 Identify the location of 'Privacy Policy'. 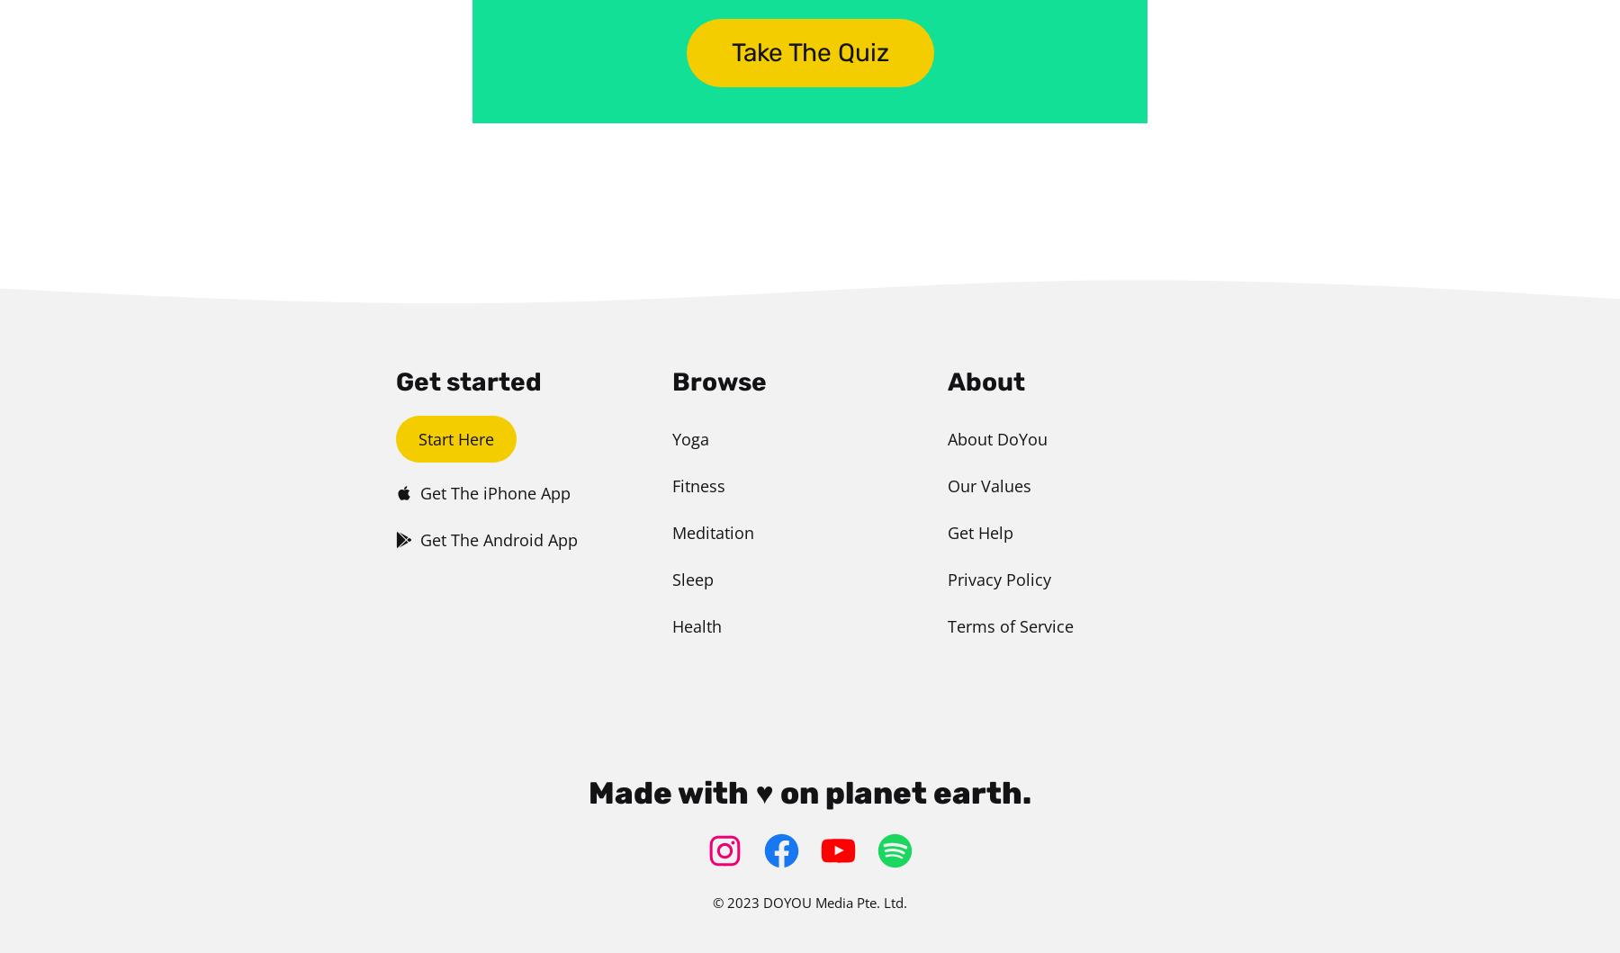
(999, 579).